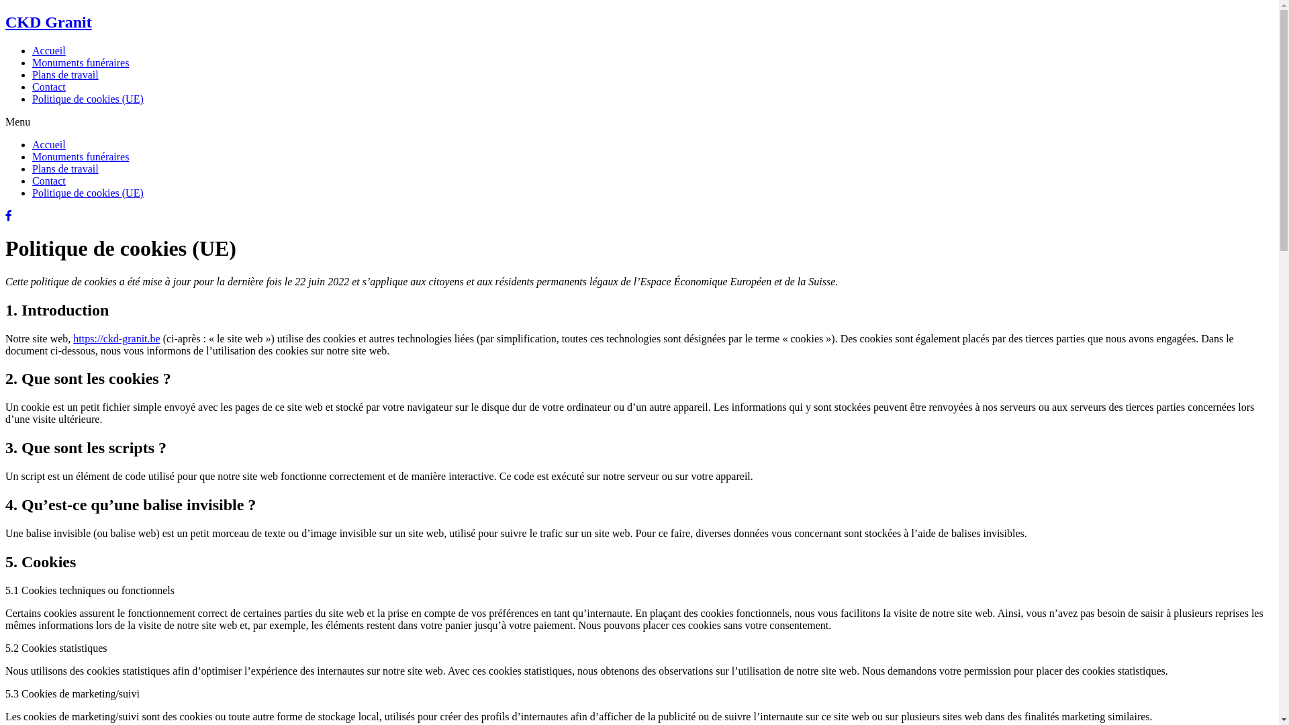 The height and width of the screenshot is (725, 1289). I want to click on 'Accueil', so click(48, 144).